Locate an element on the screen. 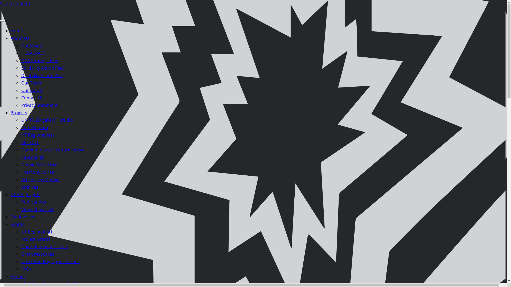 The height and width of the screenshot is (287, 511). 'Video showreels' is located at coordinates (38, 209).